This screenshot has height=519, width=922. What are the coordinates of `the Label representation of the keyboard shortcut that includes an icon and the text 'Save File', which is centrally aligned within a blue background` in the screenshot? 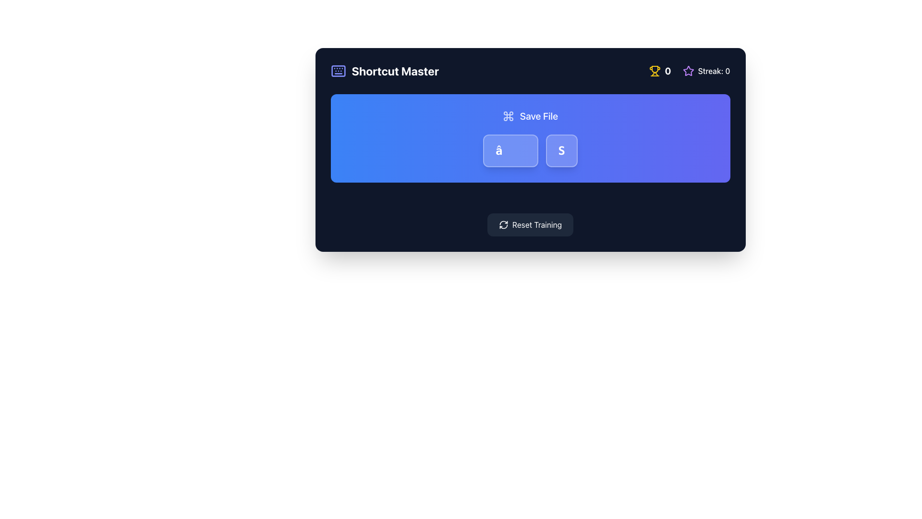 It's located at (530, 116).